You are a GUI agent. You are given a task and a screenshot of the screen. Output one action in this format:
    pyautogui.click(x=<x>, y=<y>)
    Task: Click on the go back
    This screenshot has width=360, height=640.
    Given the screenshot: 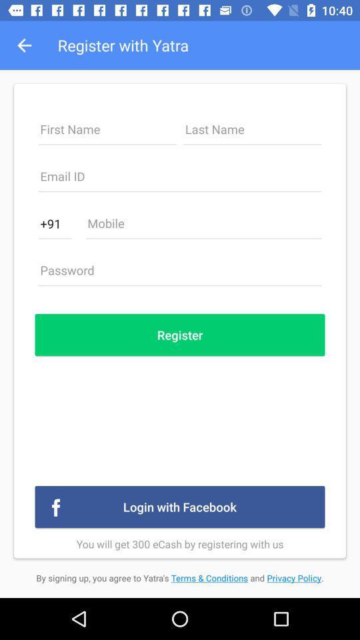 What is the action you would take?
    pyautogui.click(x=180, y=179)
    